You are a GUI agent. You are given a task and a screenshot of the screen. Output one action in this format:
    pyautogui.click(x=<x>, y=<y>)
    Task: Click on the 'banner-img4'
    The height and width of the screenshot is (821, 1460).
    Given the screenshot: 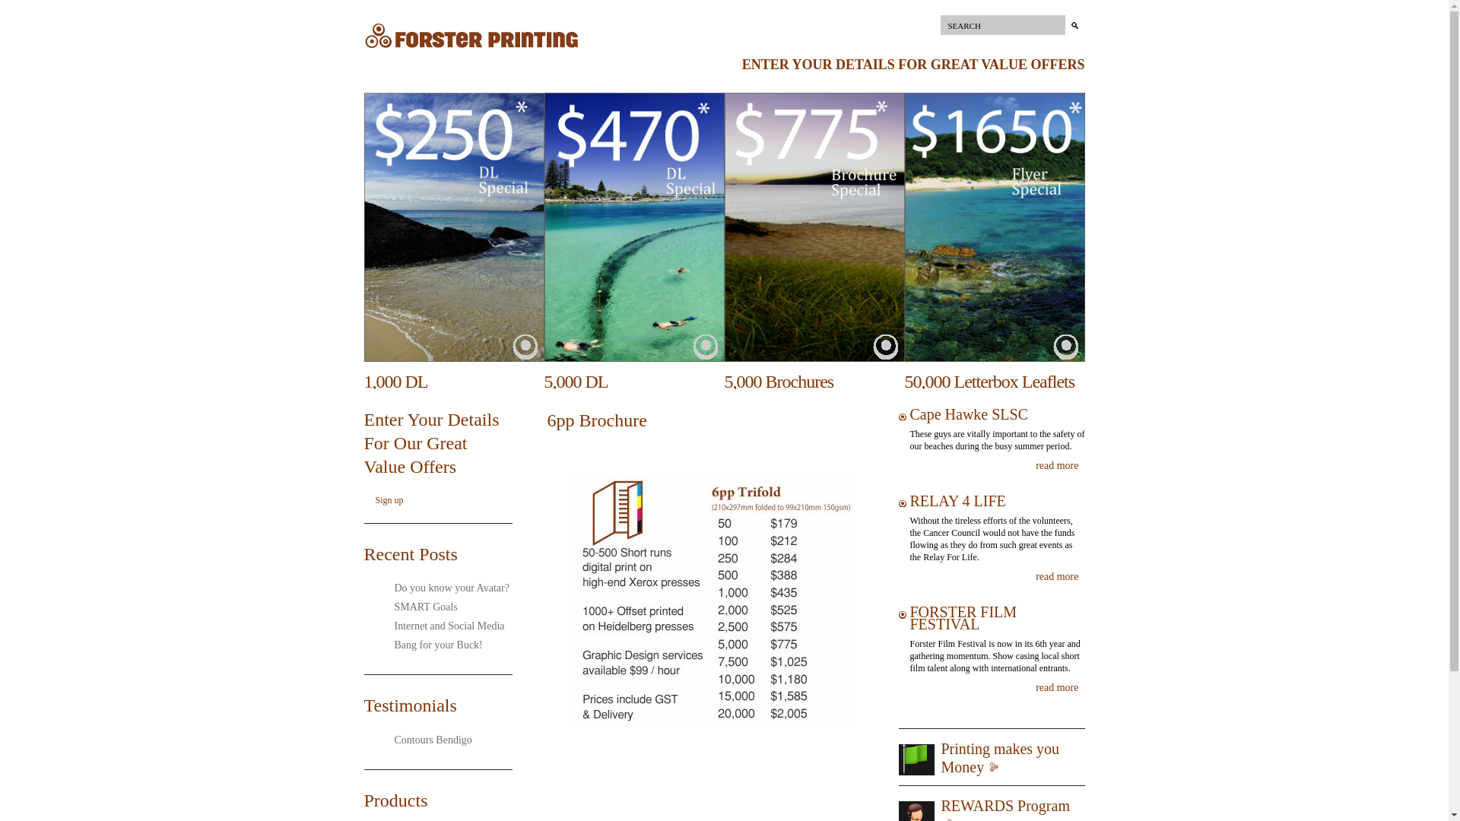 What is the action you would take?
    pyautogui.click(x=995, y=227)
    